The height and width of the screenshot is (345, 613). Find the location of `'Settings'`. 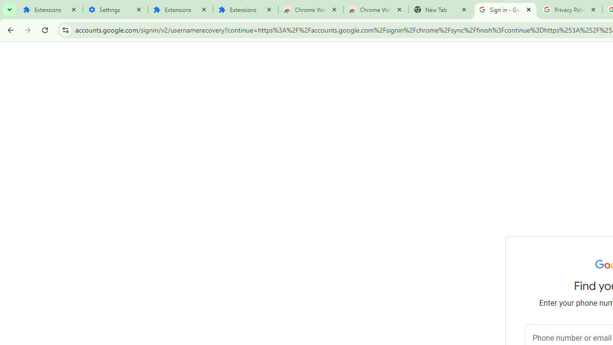

'Settings' is located at coordinates (115, 10).